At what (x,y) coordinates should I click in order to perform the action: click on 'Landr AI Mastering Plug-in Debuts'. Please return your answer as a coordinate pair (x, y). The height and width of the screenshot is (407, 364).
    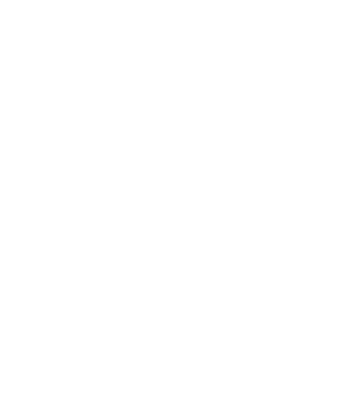
    Looking at the image, I should click on (126, 331).